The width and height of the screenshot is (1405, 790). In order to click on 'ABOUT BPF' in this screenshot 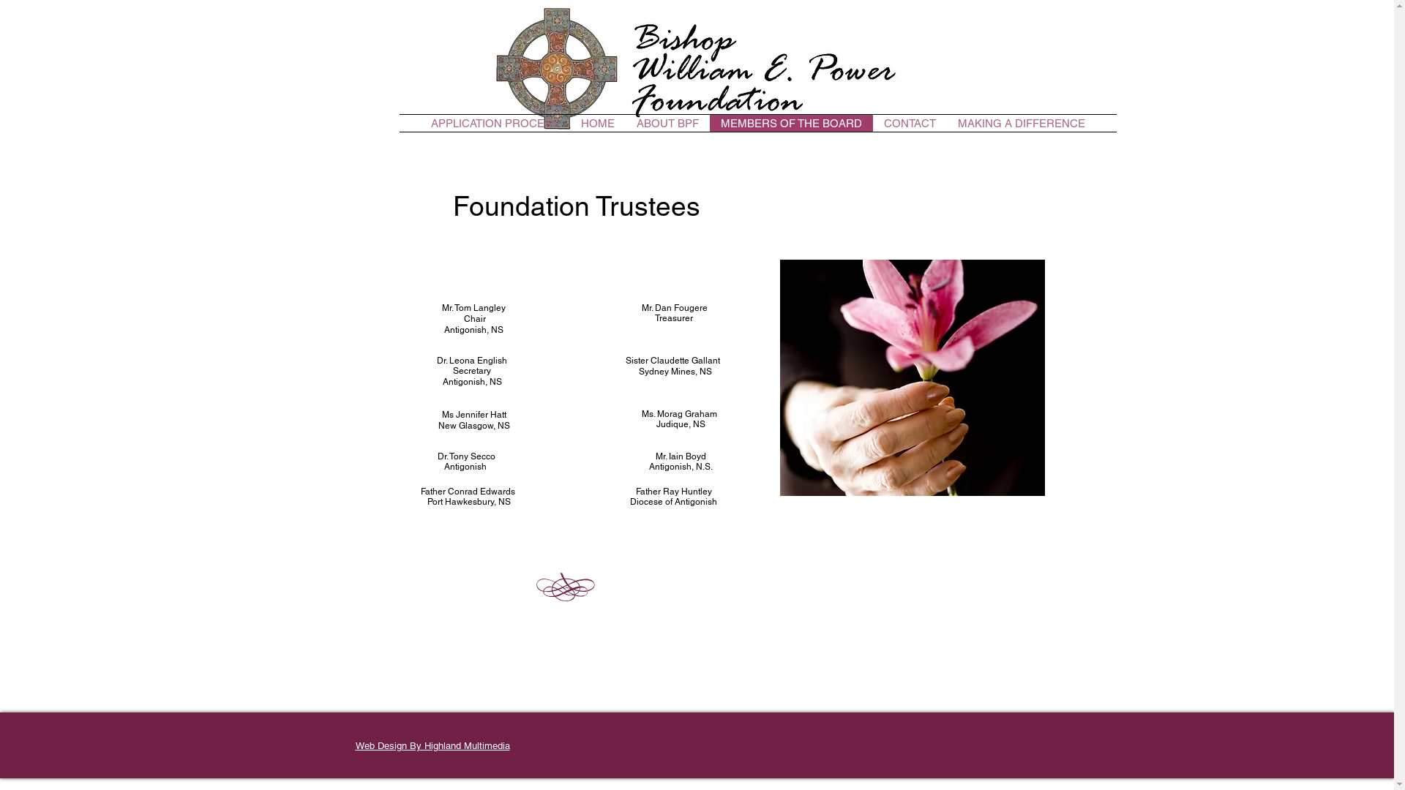, I will do `click(666, 122)`.